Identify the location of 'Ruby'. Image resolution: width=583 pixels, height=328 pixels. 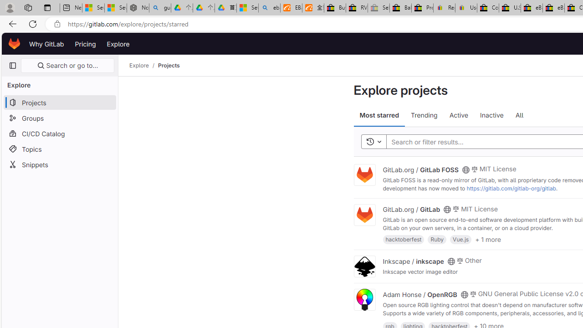
(437, 239).